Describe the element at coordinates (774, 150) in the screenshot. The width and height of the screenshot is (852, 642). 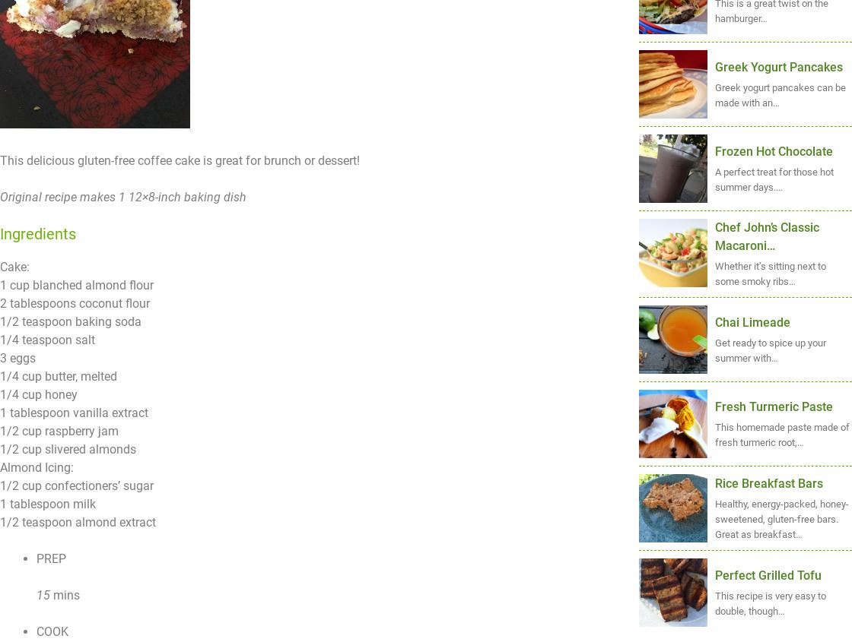
I see `'Frozen Hot Chocolate'` at that location.